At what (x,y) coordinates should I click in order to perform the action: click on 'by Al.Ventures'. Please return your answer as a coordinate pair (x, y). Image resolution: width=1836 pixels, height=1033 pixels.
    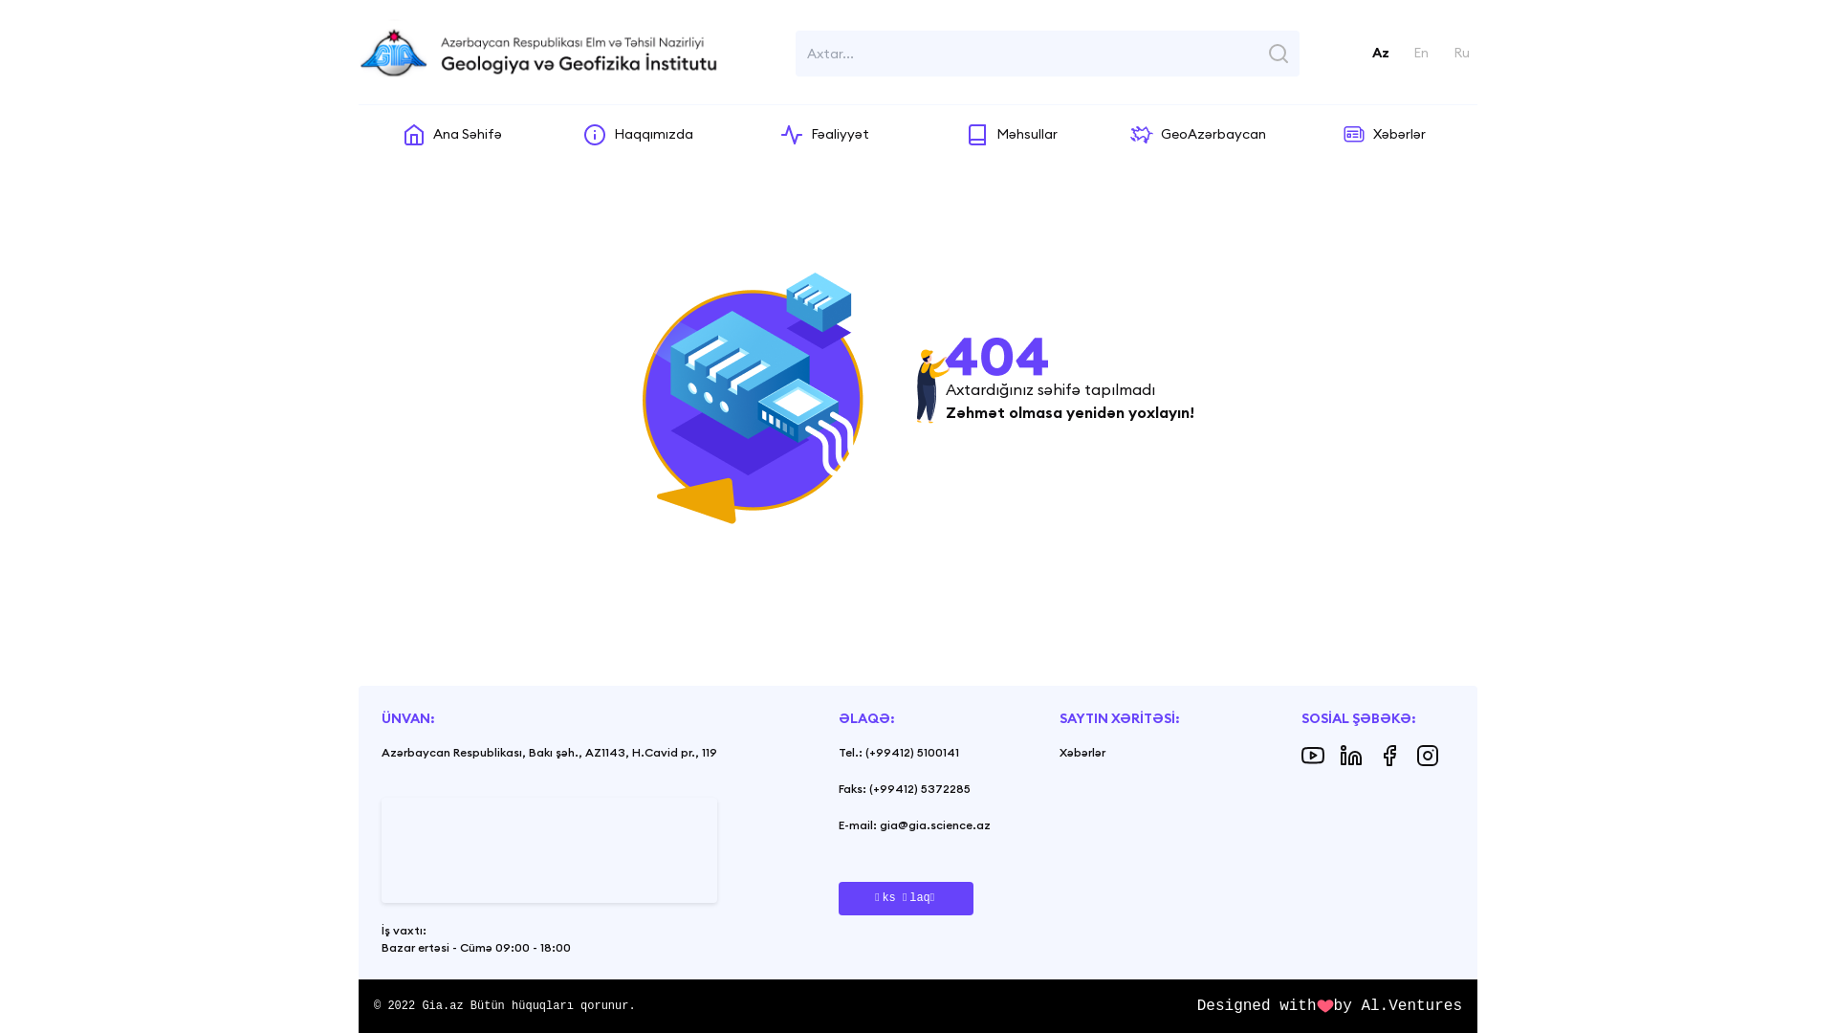
    Looking at the image, I should click on (1398, 1005).